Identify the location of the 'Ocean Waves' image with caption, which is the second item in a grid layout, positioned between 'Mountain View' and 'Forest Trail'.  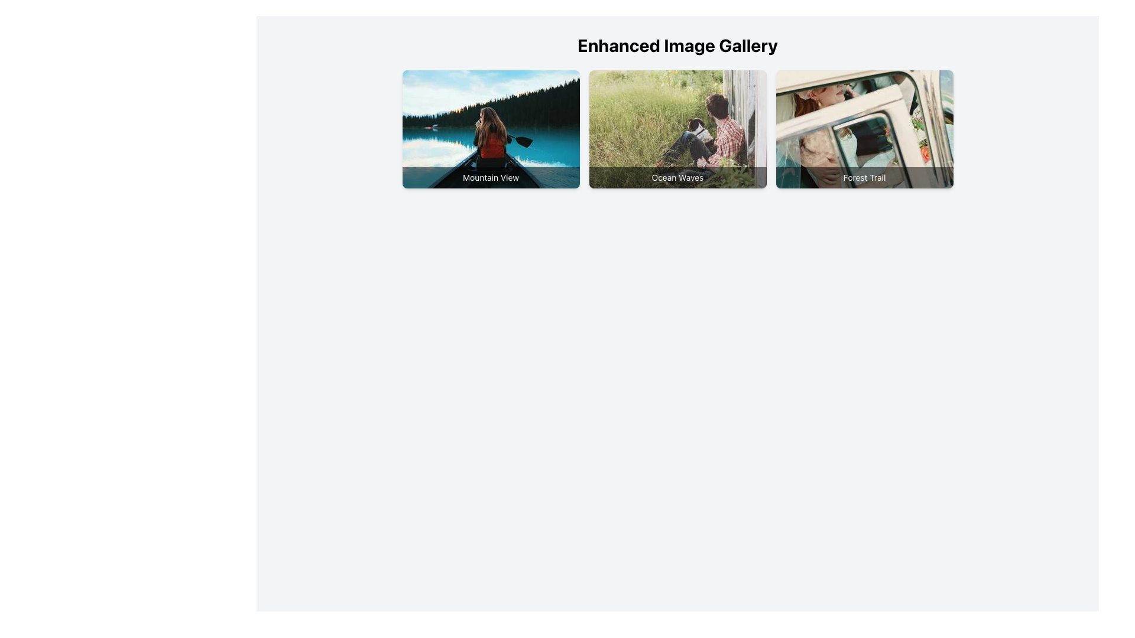
(677, 129).